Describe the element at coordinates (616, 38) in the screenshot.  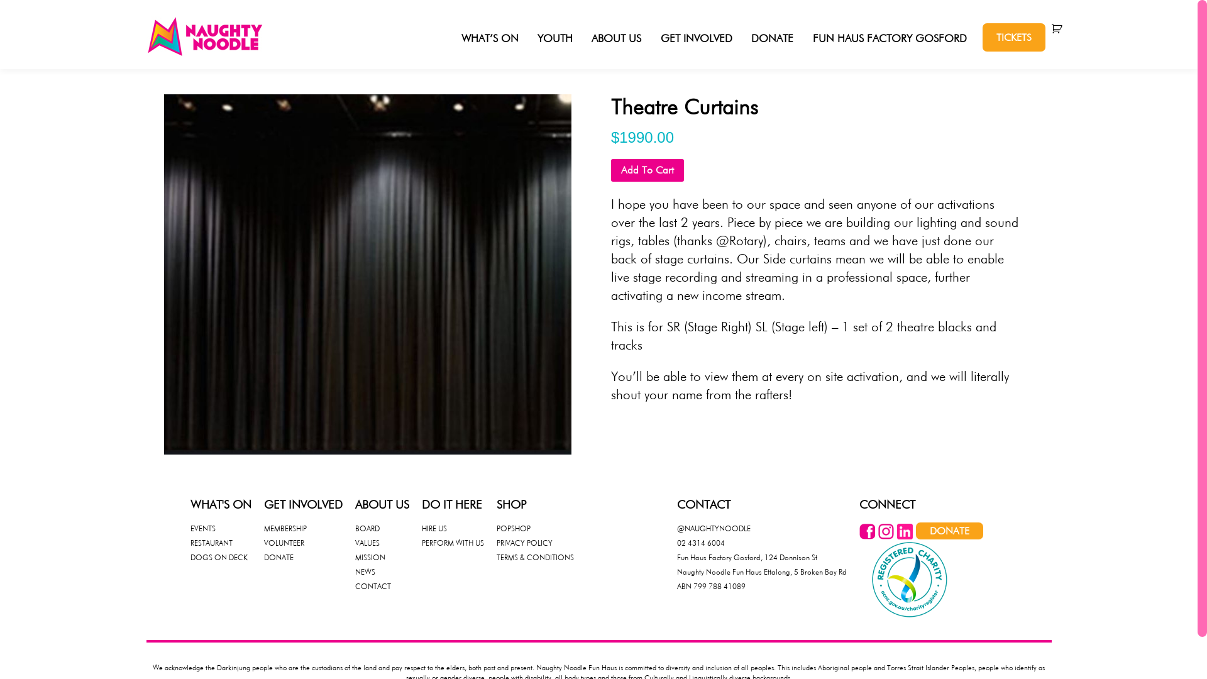
I see `'ABOUT US'` at that location.